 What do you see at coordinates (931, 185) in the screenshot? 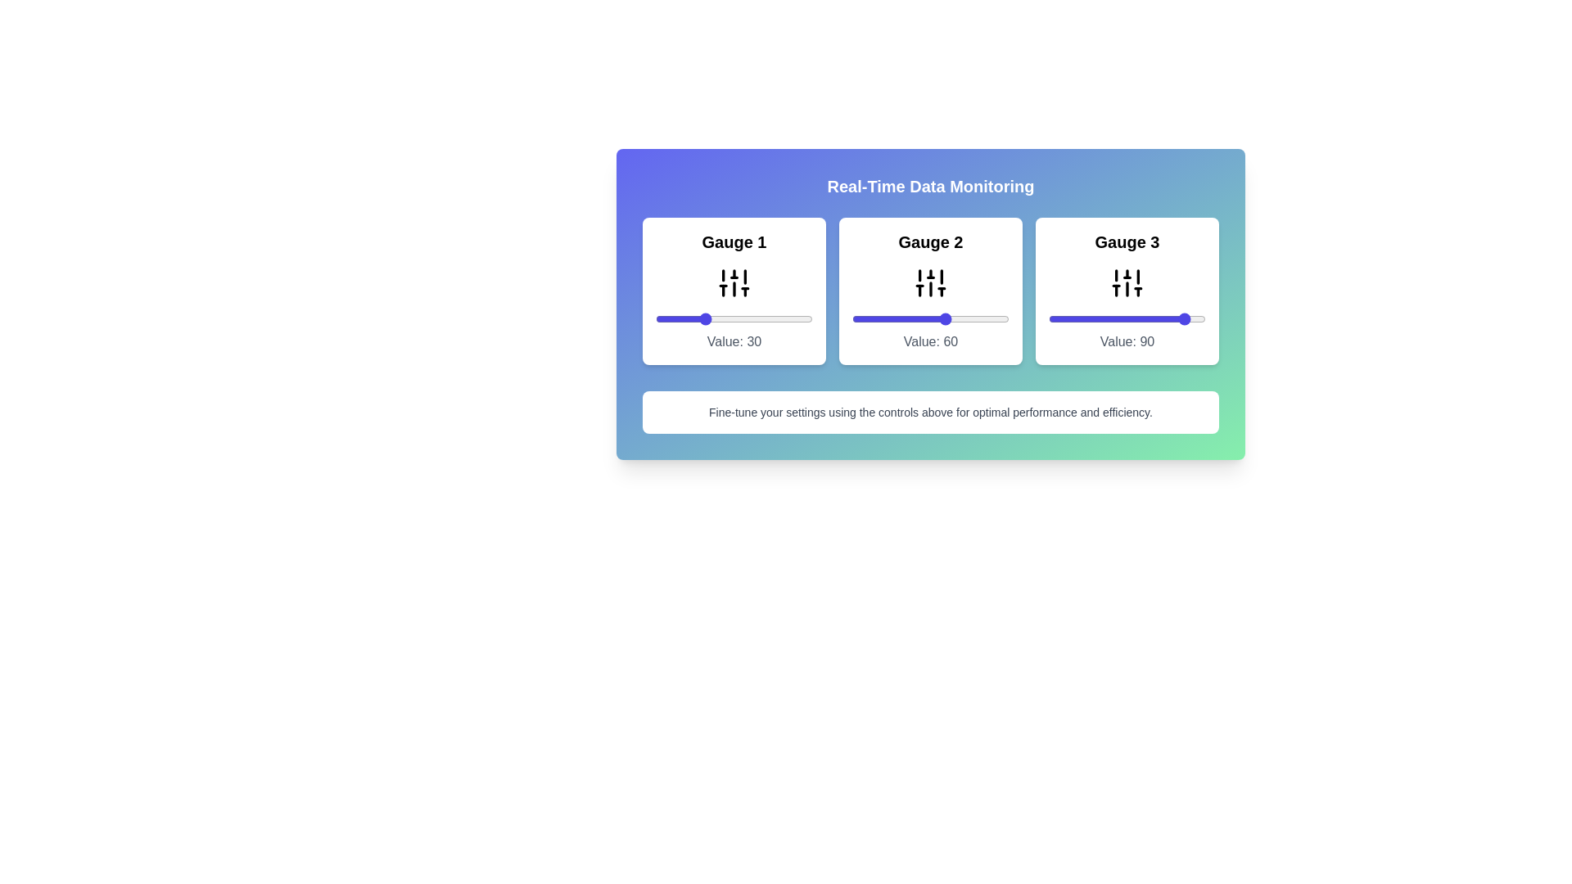
I see `the header element that serves as a title for the section, located at the top inside a box with a gradient background, centered above three gauges` at bounding box center [931, 185].